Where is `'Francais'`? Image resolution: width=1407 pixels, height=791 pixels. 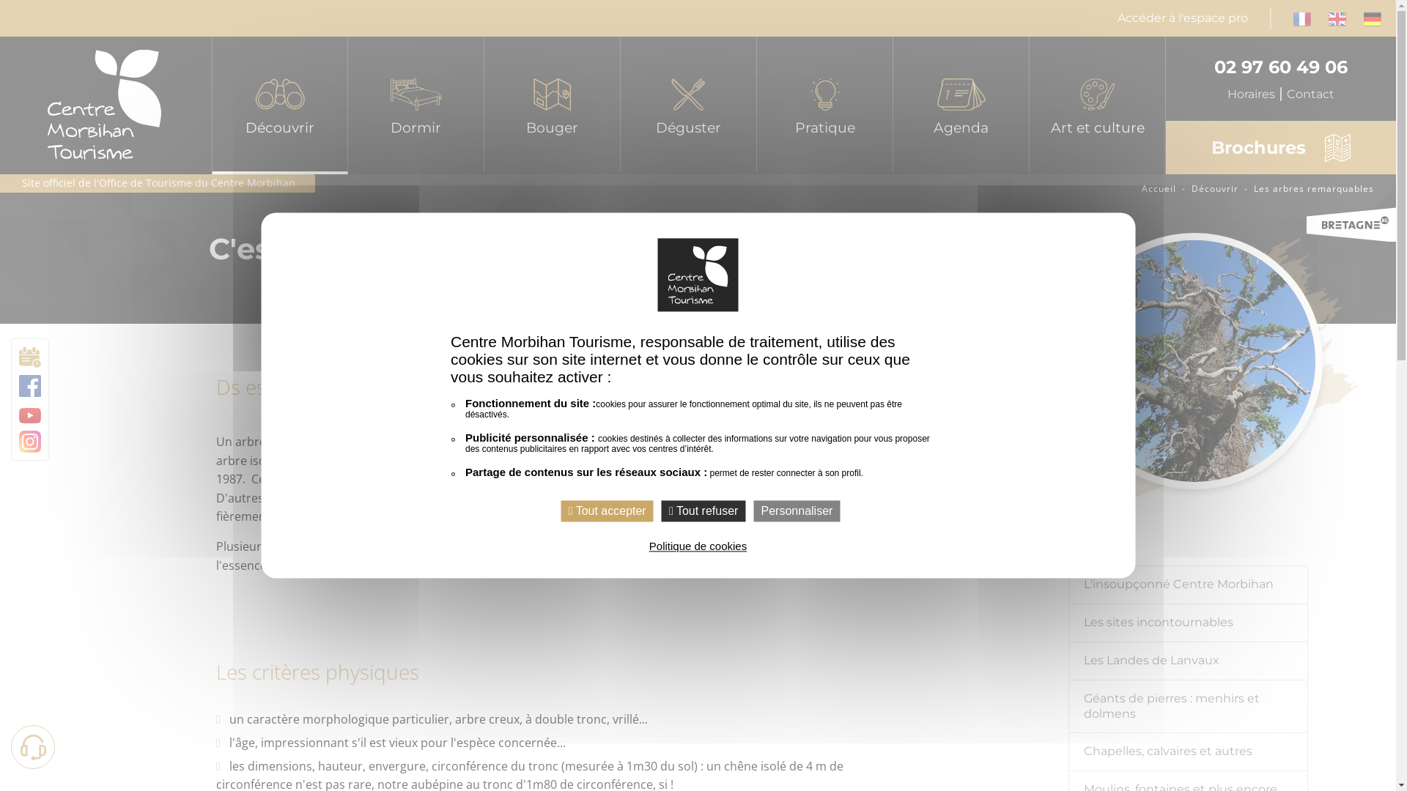
'Francais' is located at coordinates (1293, 17).